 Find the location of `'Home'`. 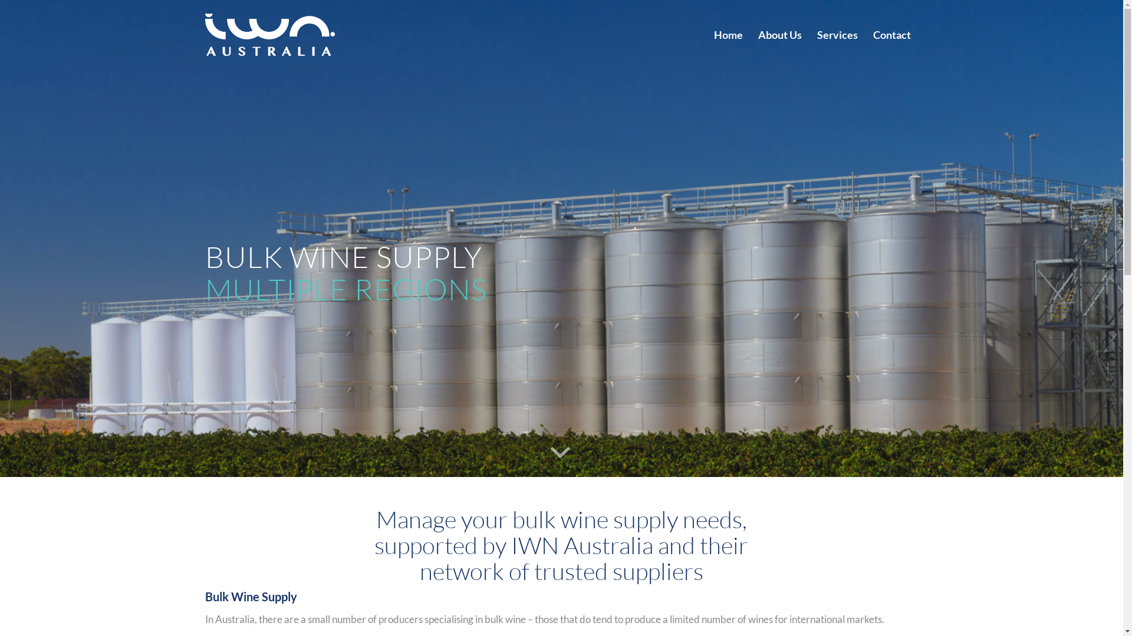

'Home' is located at coordinates (728, 34).